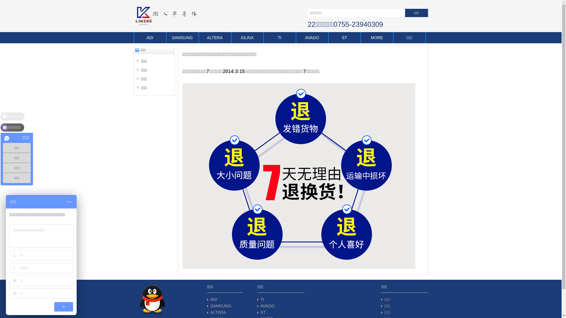 Image resolution: width=566 pixels, height=318 pixels. I want to click on 'MORE', so click(376, 37).